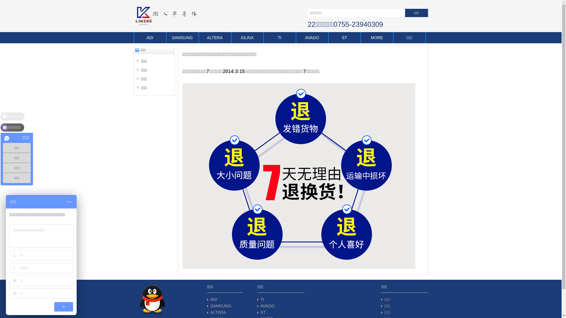 Image resolution: width=566 pixels, height=318 pixels. I want to click on 'MORE', so click(376, 37).